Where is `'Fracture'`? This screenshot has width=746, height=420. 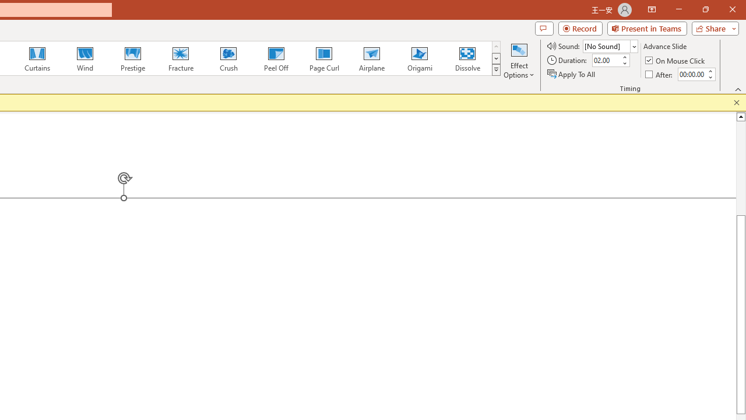
'Fracture' is located at coordinates (180, 58).